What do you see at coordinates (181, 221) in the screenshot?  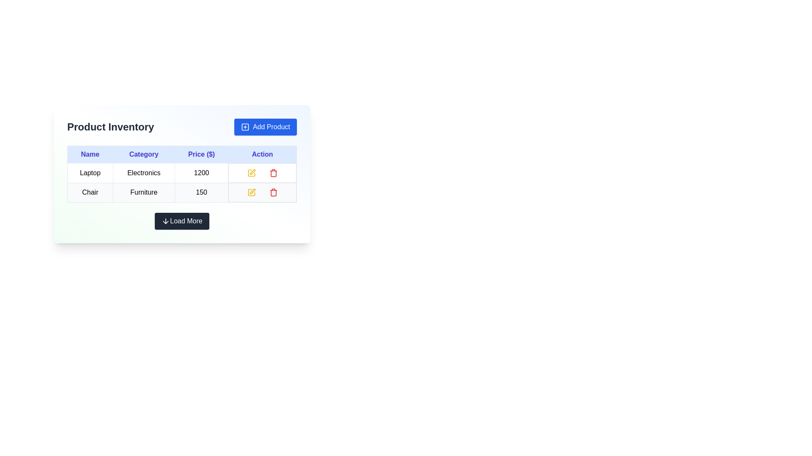 I see `the 'Load More' button, a rectangular button with a downward arrow icon and text on a dark background, to observe its styling effects` at bounding box center [181, 221].